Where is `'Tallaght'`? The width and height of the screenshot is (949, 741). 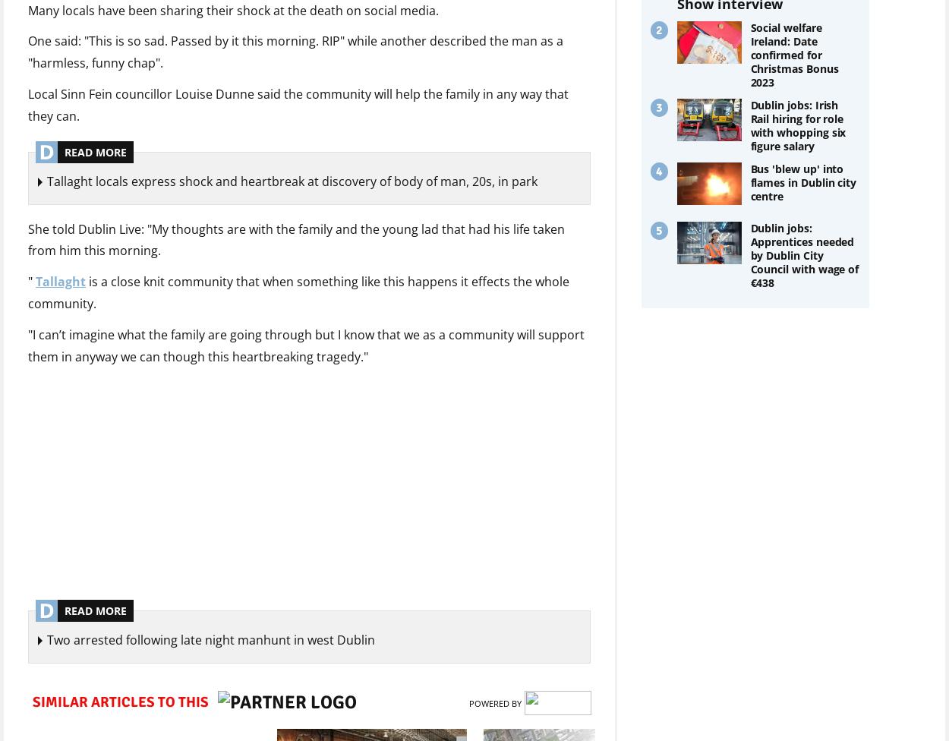
'Tallaght' is located at coordinates (36, 280).